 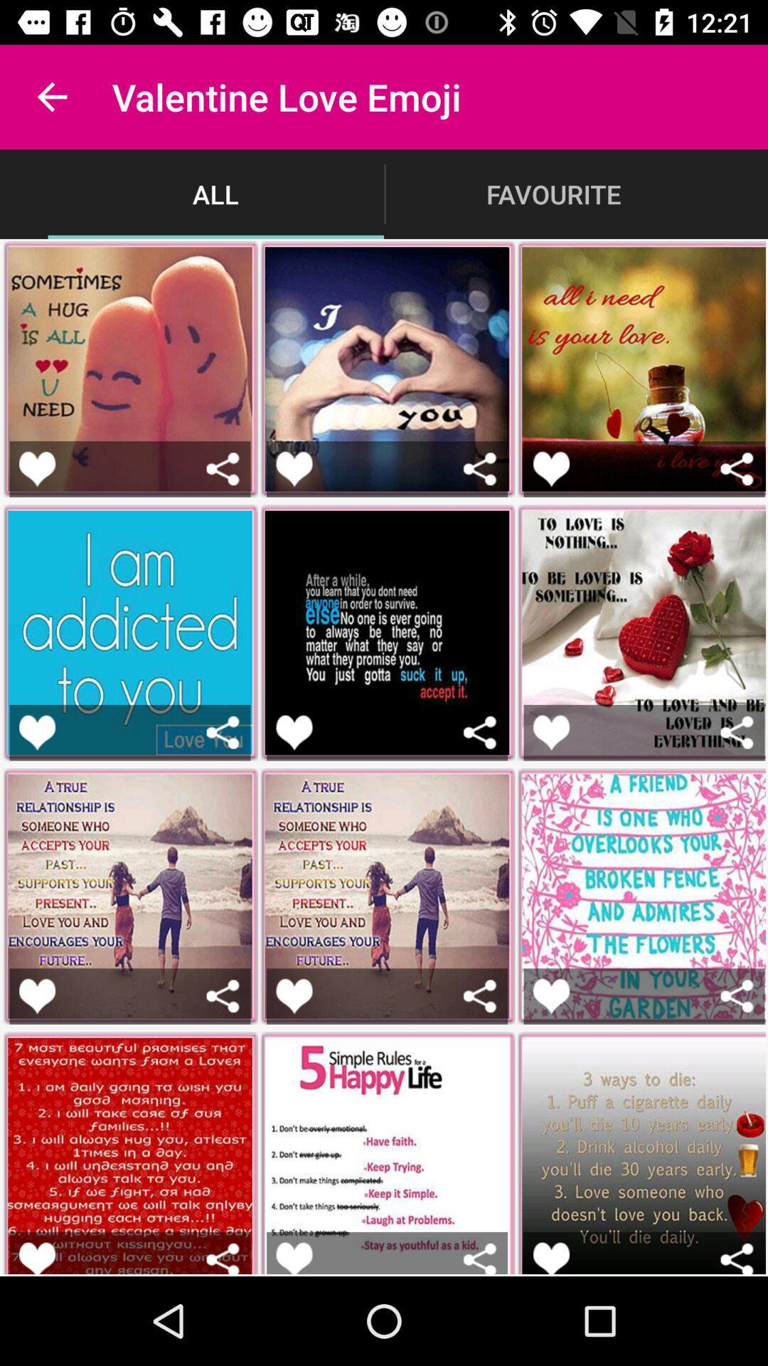 I want to click on android share, so click(x=736, y=995).